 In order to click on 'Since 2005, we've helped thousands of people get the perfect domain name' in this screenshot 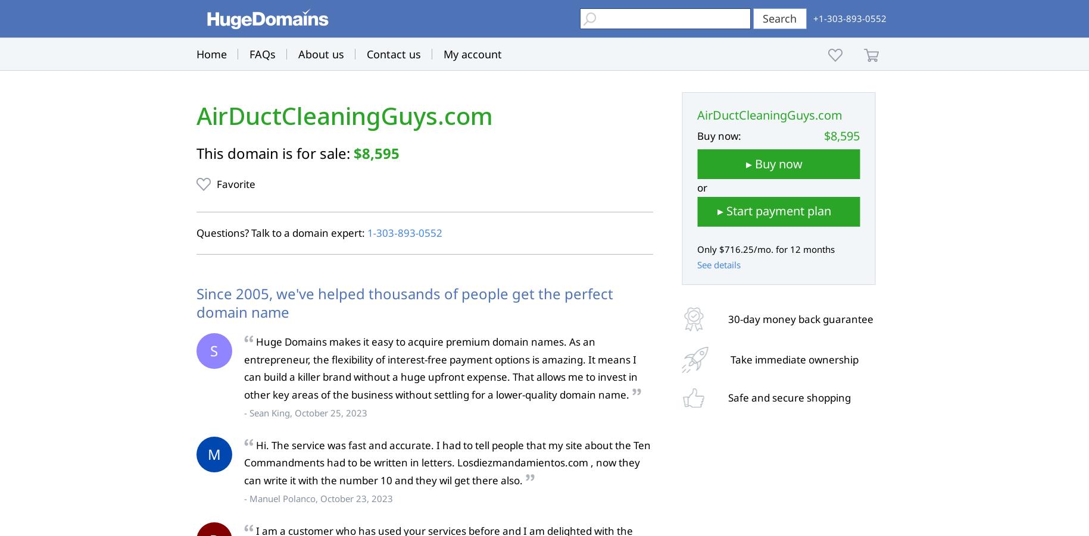, I will do `click(403, 302)`.